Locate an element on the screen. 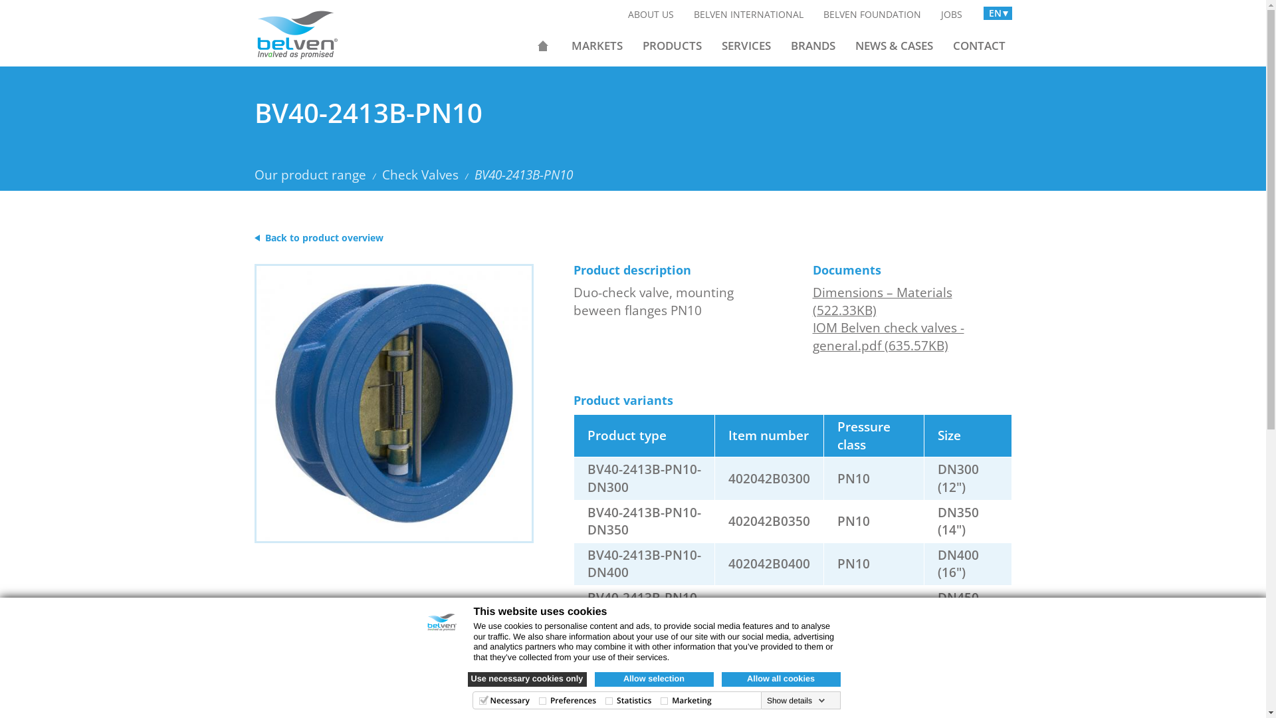 The width and height of the screenshot is (1276, 718). 'Use necessary cookies only' is located at coordinates (468, 679).